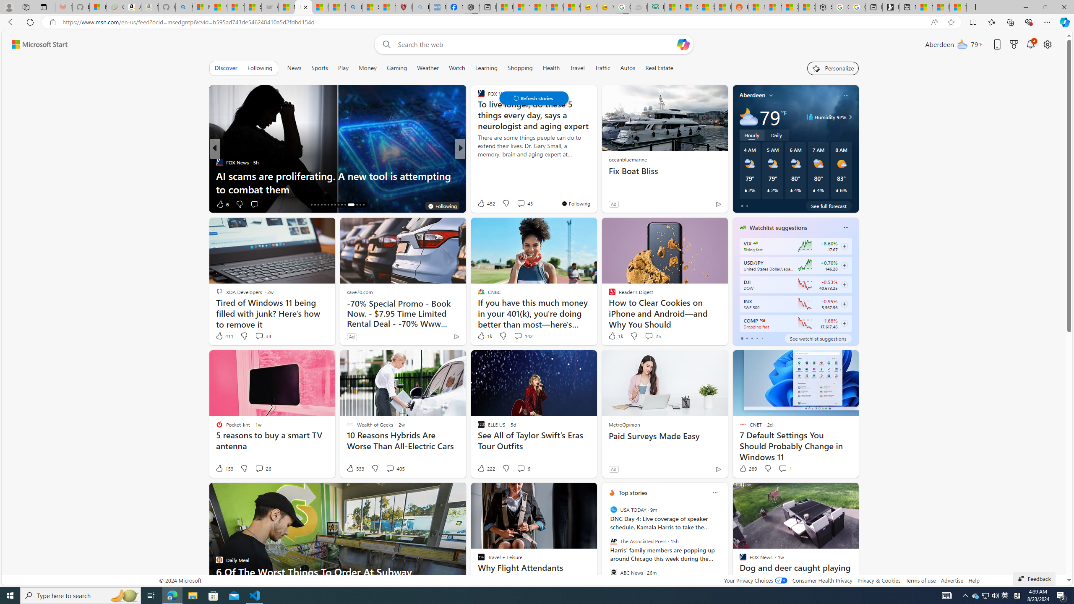 This screenshot has width=1074, height=604. What do you see at coordinates (776, 135) in the screenshot?
I see `'Daily'` at bounding box center [776, 135].